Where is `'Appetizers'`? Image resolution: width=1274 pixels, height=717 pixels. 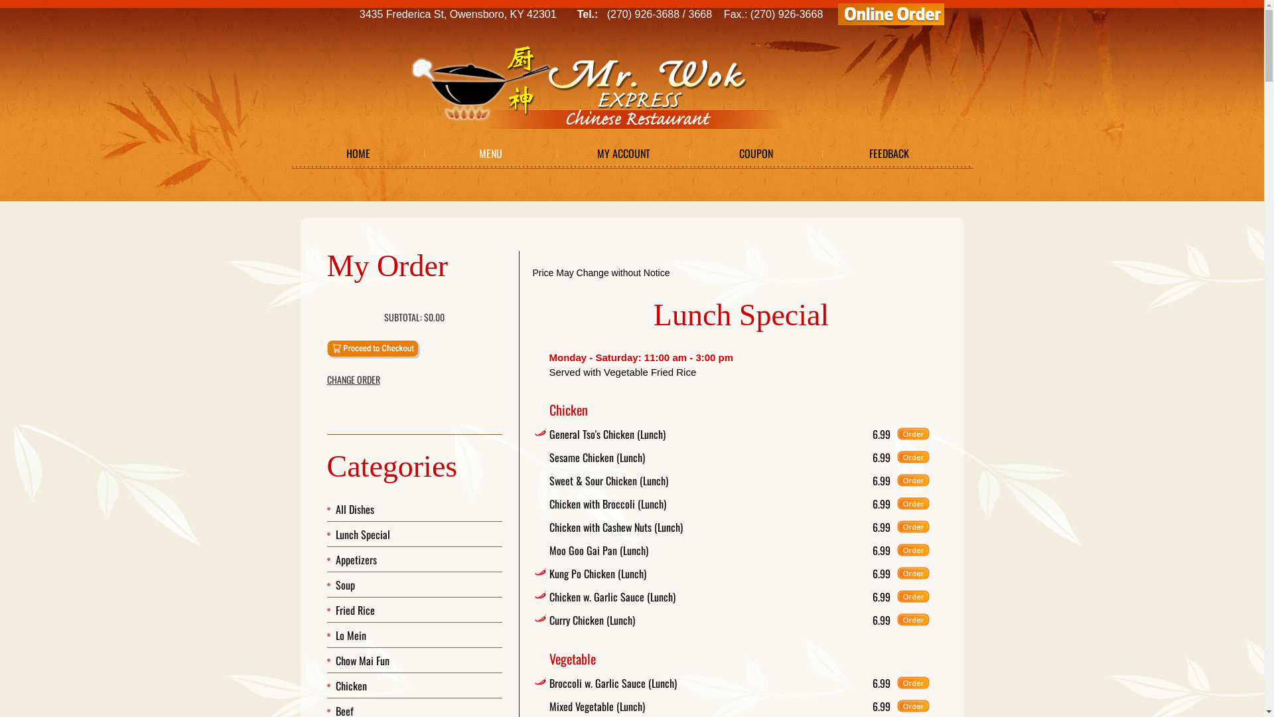
'Appetizers' is located at coordinates (356, 560).